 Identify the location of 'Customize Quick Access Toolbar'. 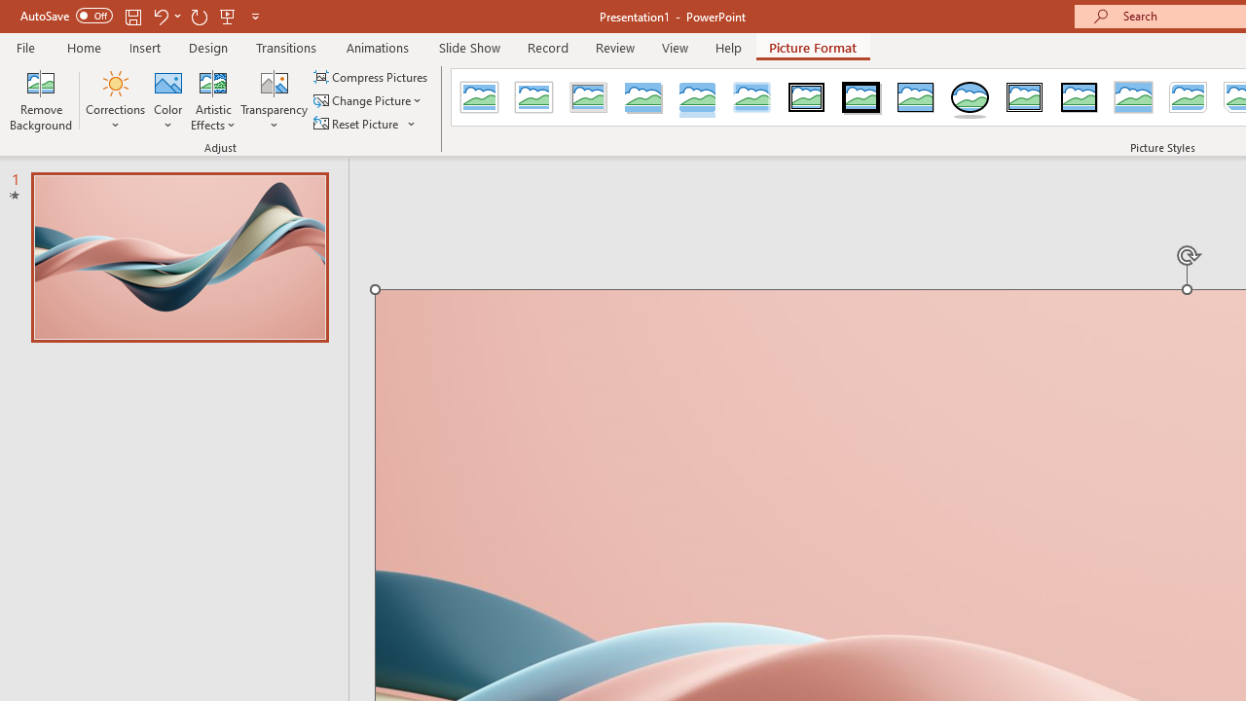
(255, 16).